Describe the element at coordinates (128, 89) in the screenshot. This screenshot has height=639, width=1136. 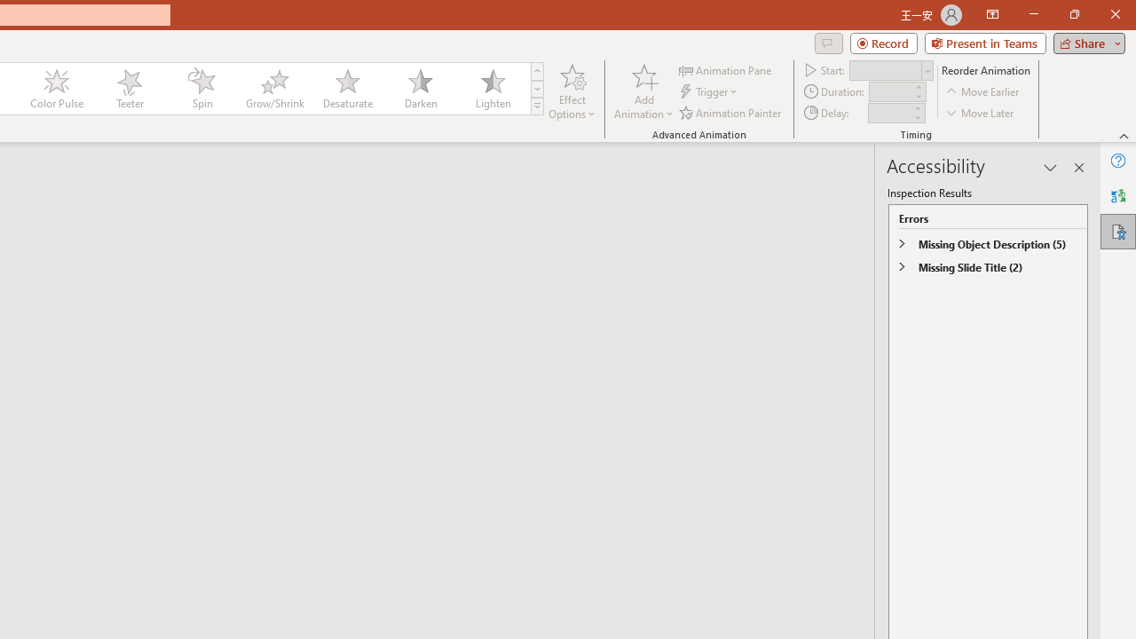
I see `'Teeter'` at that location.